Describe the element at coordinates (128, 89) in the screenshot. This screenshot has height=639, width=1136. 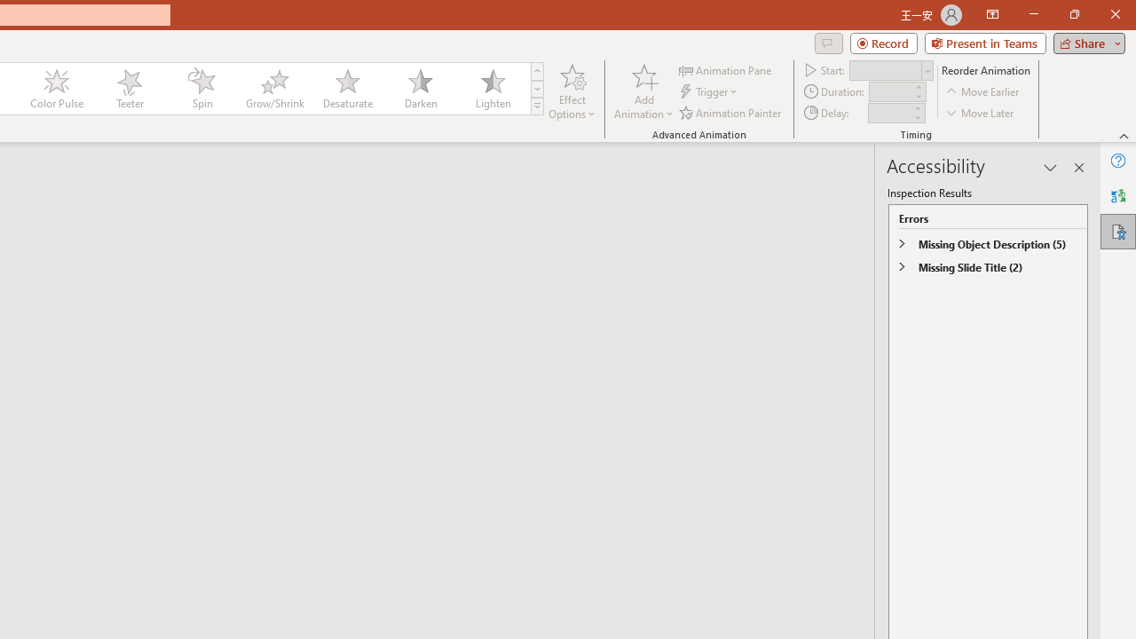
I see `'Teeter'` at that location.